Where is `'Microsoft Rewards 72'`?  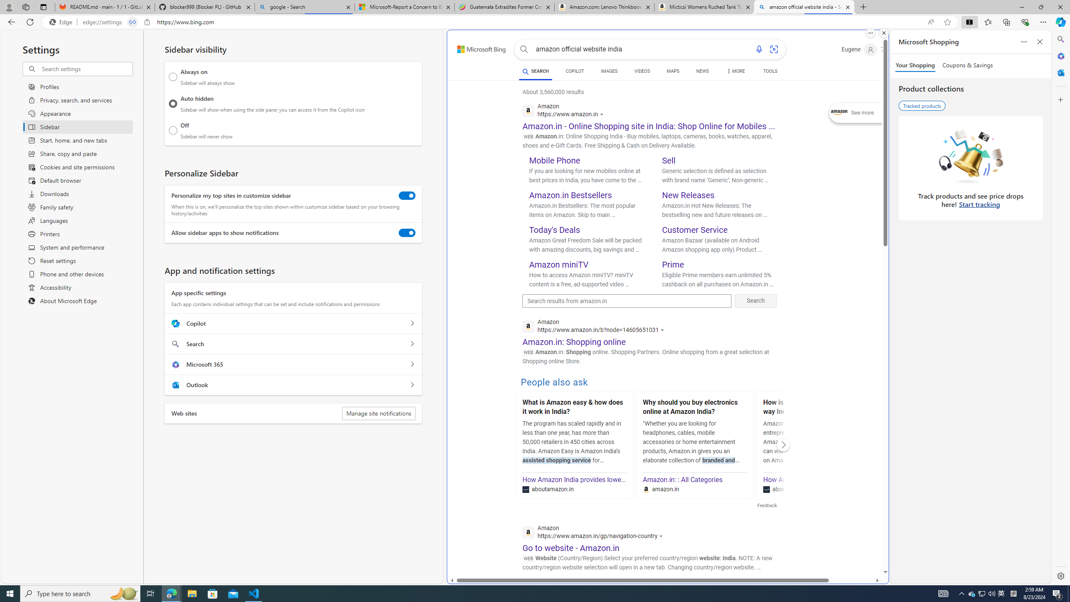
'Microsoft Rewards 72' is located at coordinates (893, 49).